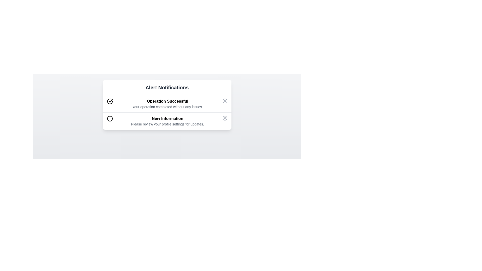 The height and width of the screenshot is (271, 482). Describe the element at coordinates (167, 106) in the screenshot. I see `static text display message 'Your operation completed without any issues.' which is styled in gray font and positioned under the header 'Operation Successful'` at that location.